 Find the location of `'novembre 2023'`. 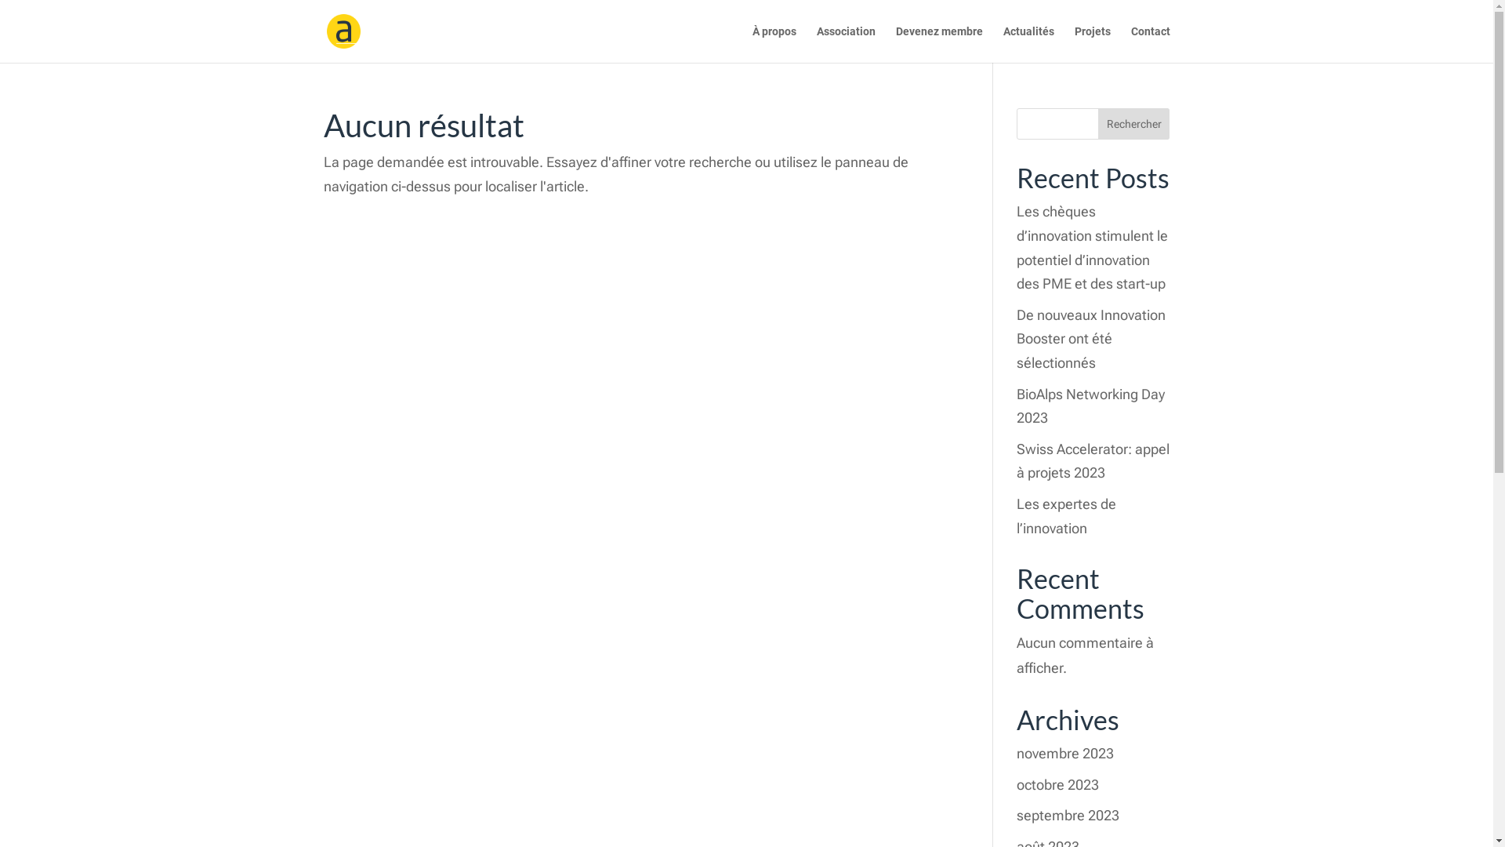

'novembre 2023' is located at coordinates (1064, 752).